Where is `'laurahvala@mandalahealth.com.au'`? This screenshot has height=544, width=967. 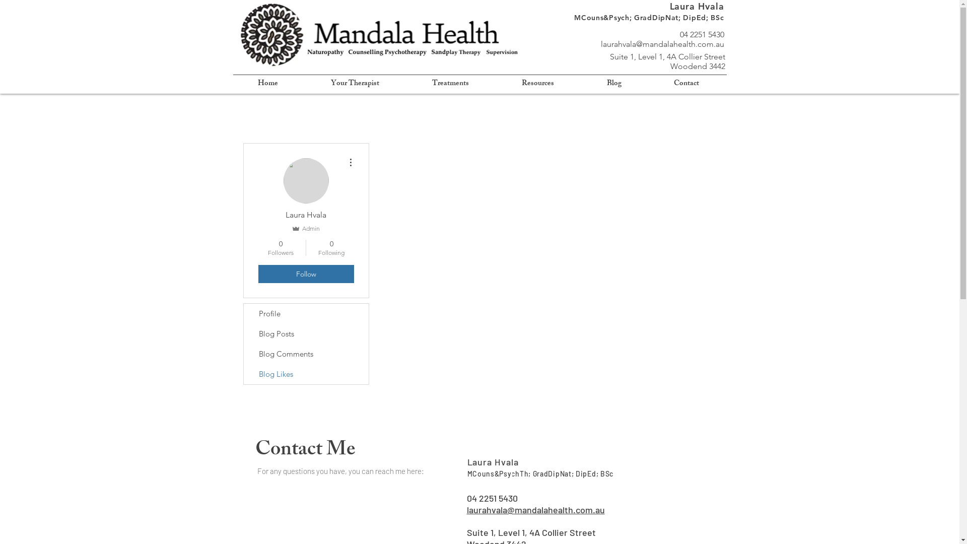 'laurahvala@mandalahealth.com.au' is located at coordinates (662, 43).